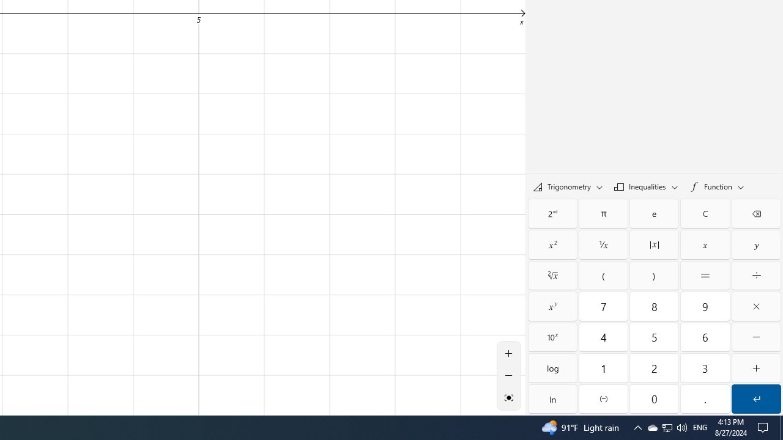 The width and height of the screenshot is (783, 440). What do you see at coordinates (552, 337) in the screenshot?
I see `'Ten to the exponent'` at bounding box center [552, 337].